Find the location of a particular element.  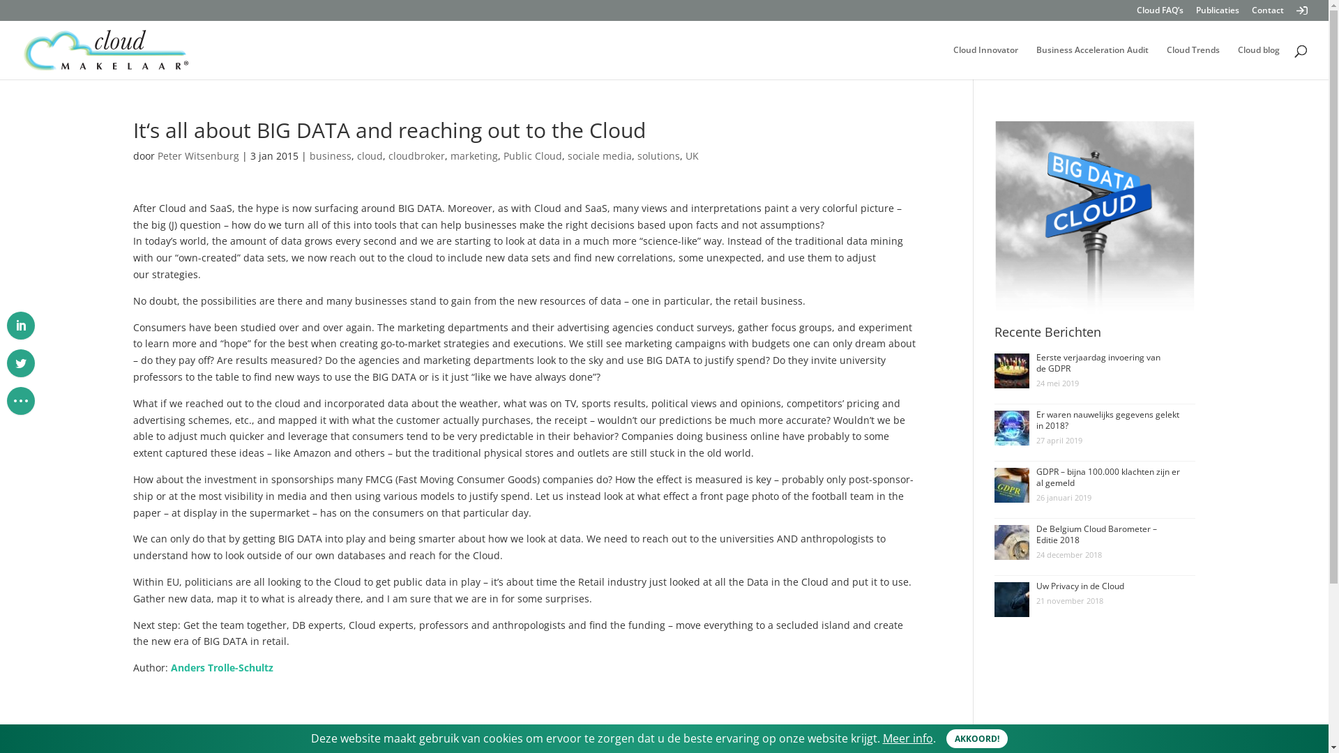

'Contact' is located at coordinates (1268, 13).